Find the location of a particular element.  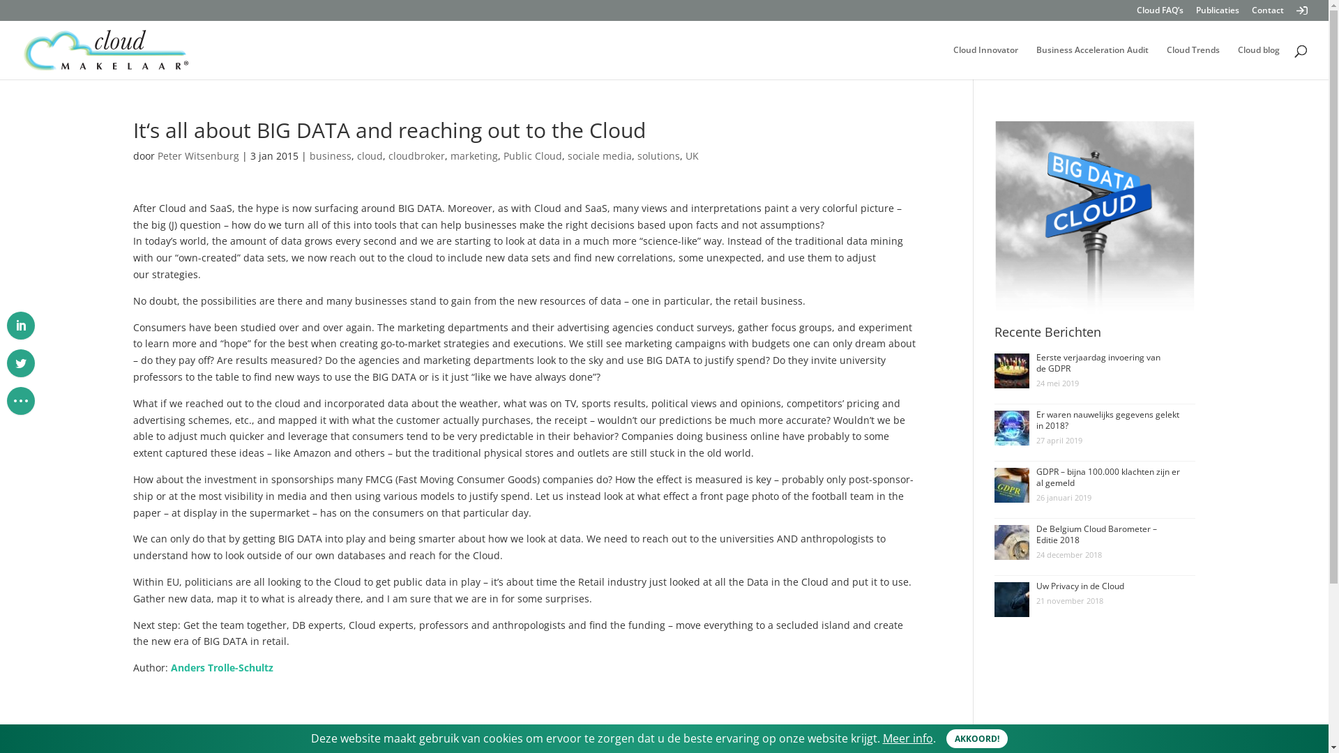

'Contact' is located at coordinates (1268, 13).